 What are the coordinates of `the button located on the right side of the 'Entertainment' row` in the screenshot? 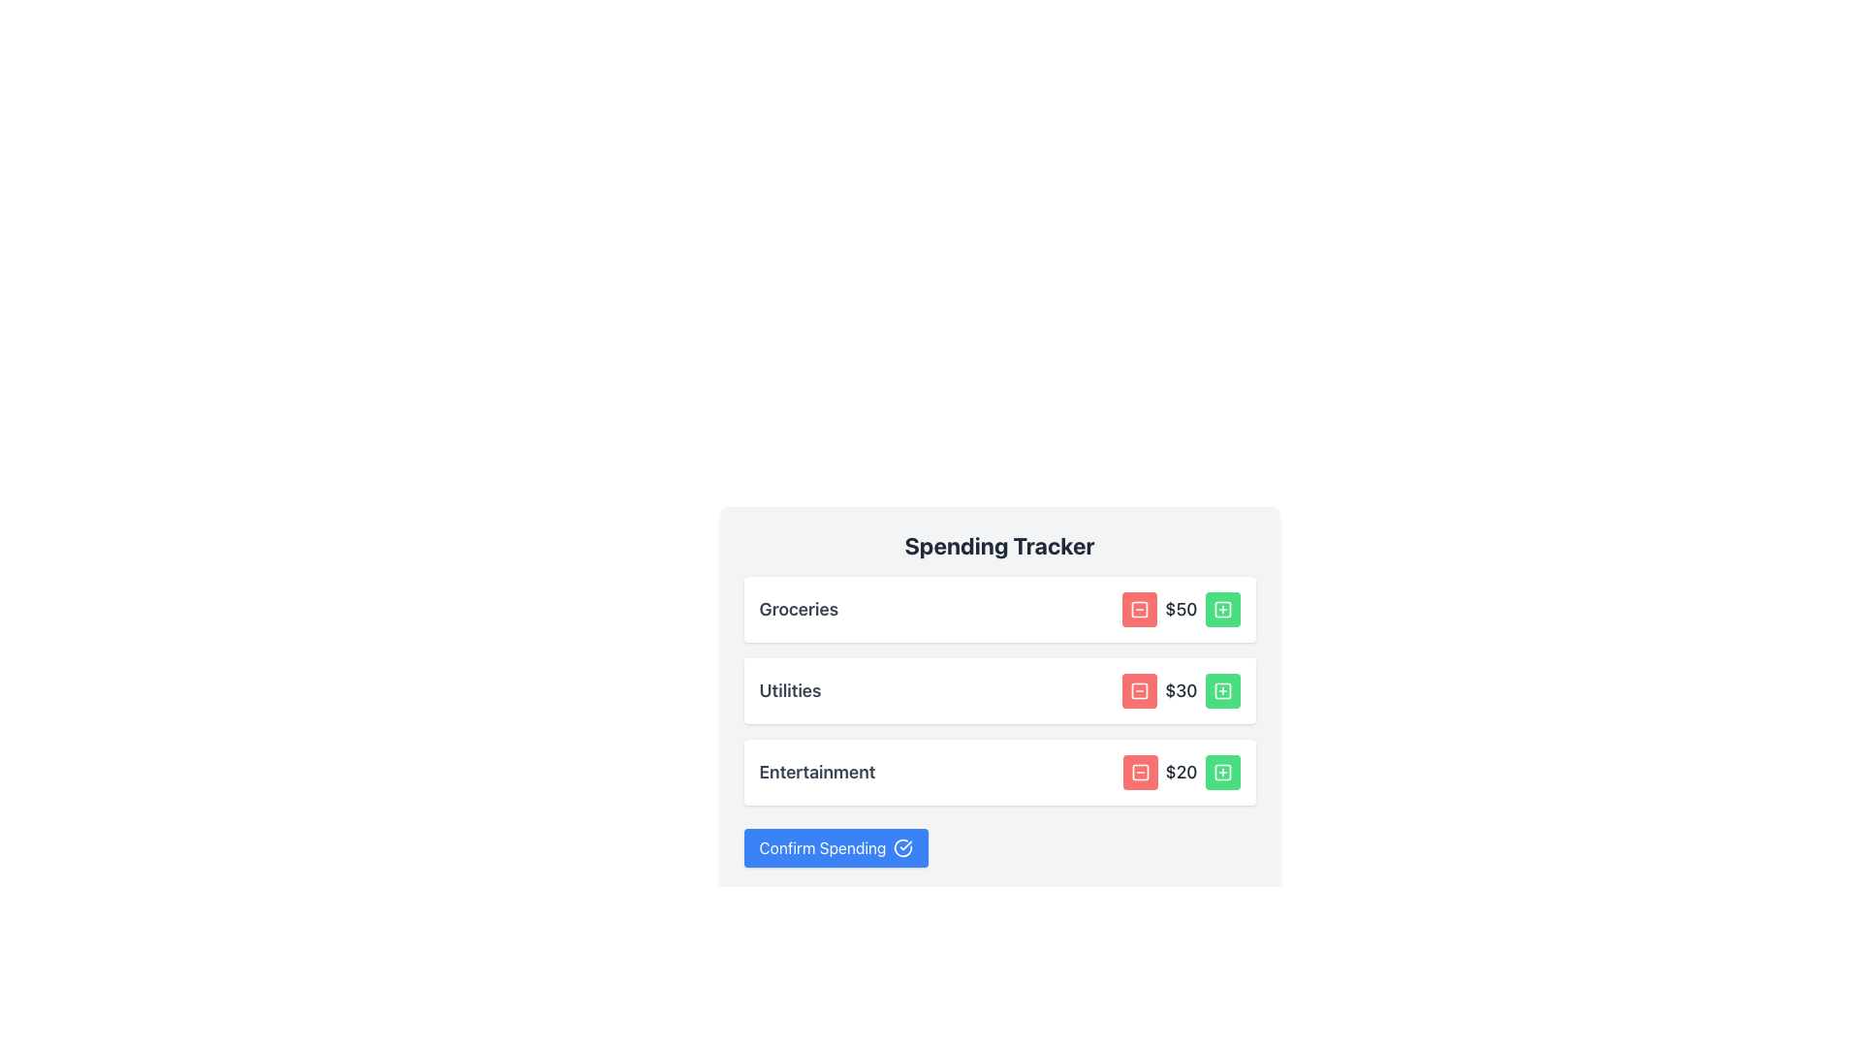 It's located at (1221, 772).